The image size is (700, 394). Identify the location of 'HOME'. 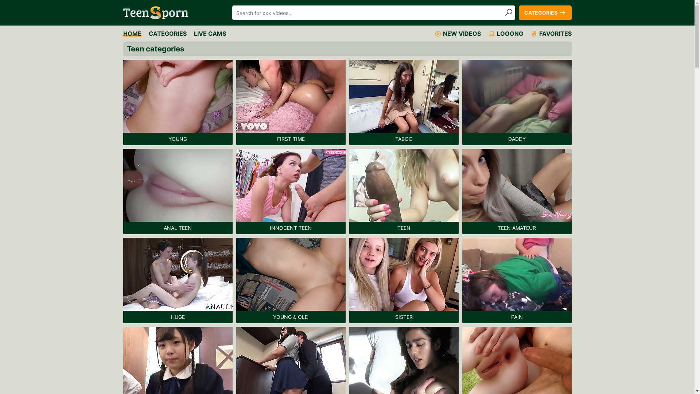
(132, 34).